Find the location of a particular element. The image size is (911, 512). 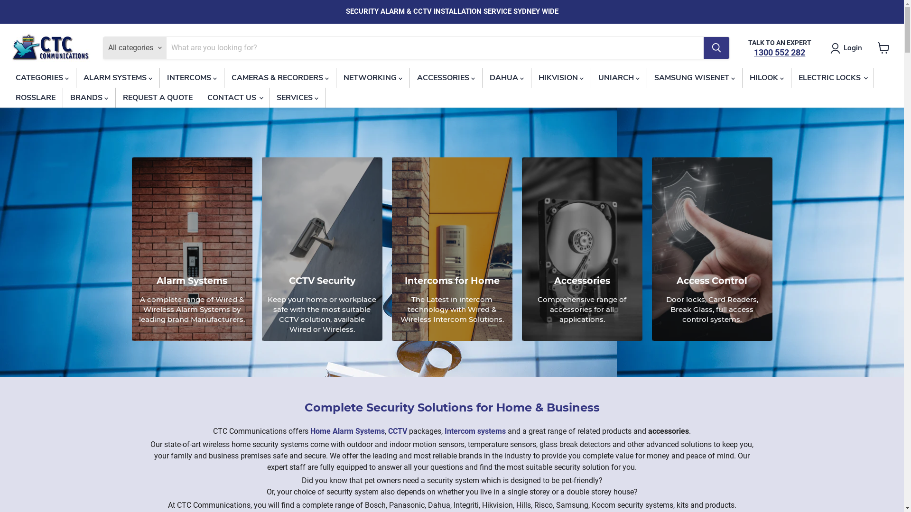

'Login' is located at coordinates (853, 48).